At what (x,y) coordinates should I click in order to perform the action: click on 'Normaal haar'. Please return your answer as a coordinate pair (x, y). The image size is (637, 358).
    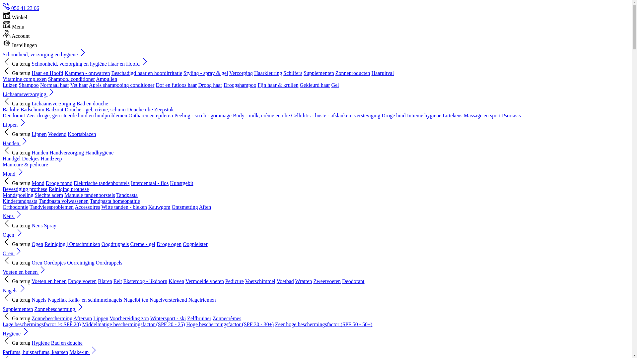
    Looking at the image, I should click on (54, 85).